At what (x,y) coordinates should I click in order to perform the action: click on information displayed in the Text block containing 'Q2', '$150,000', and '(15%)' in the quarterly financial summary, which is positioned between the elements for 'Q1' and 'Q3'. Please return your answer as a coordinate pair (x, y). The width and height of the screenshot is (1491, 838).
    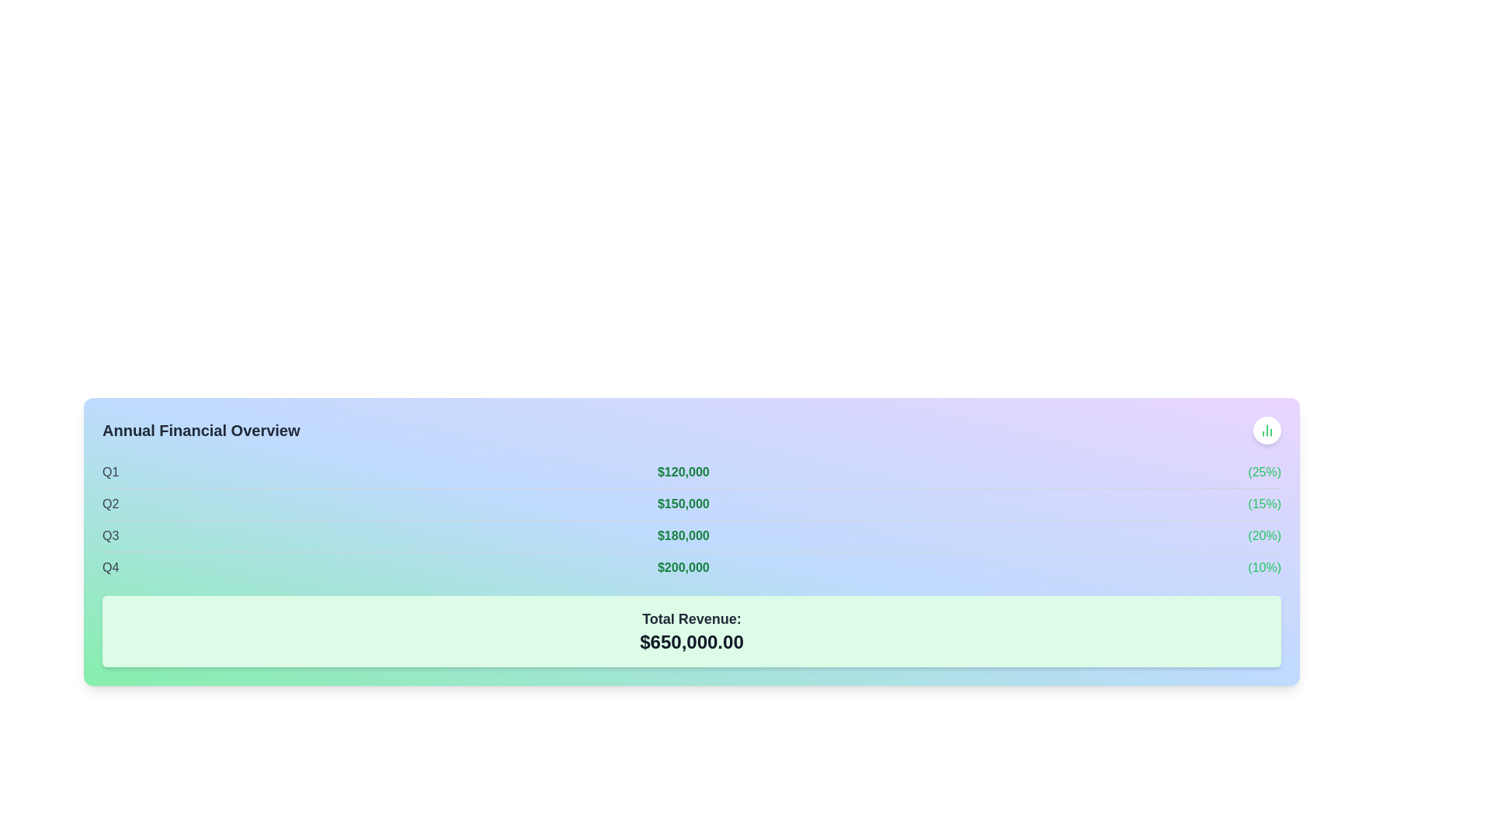
    Looking at the image, I should click on (691, 504).